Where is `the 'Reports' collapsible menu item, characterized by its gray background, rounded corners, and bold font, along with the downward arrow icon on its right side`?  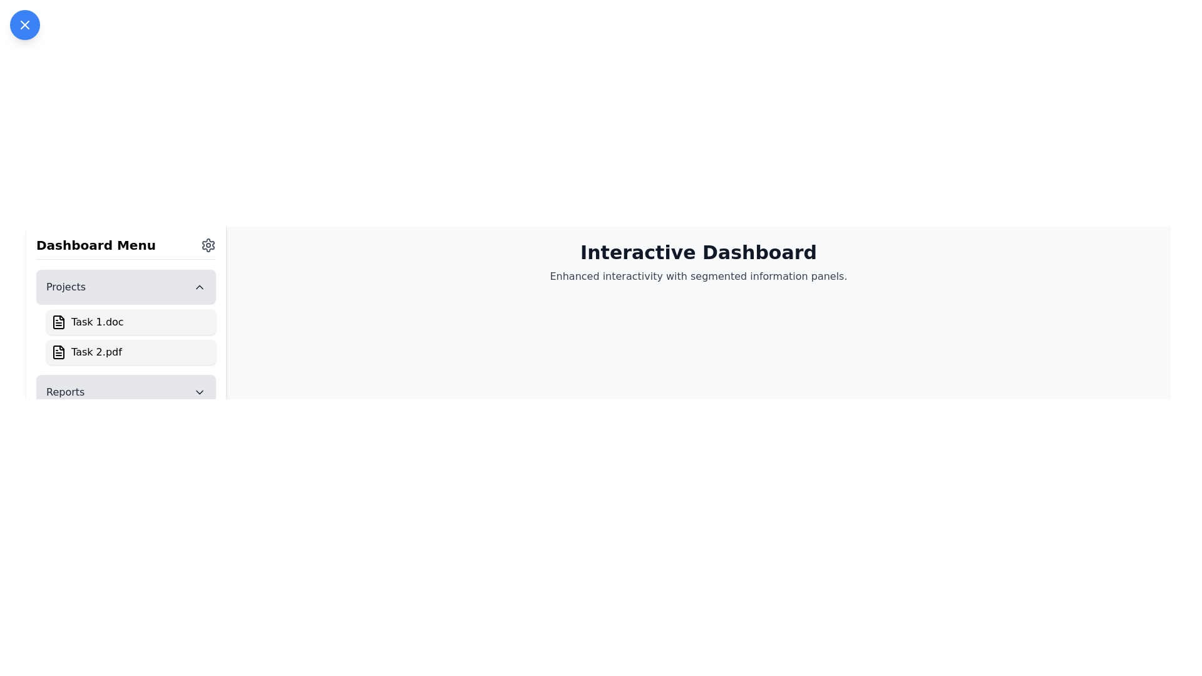
the 'Reports' collapsible menu item, characterized by its gray background, rounded corners, and bold font, along with the downward arrow icon on its right side is located at coordinates (126, 392).